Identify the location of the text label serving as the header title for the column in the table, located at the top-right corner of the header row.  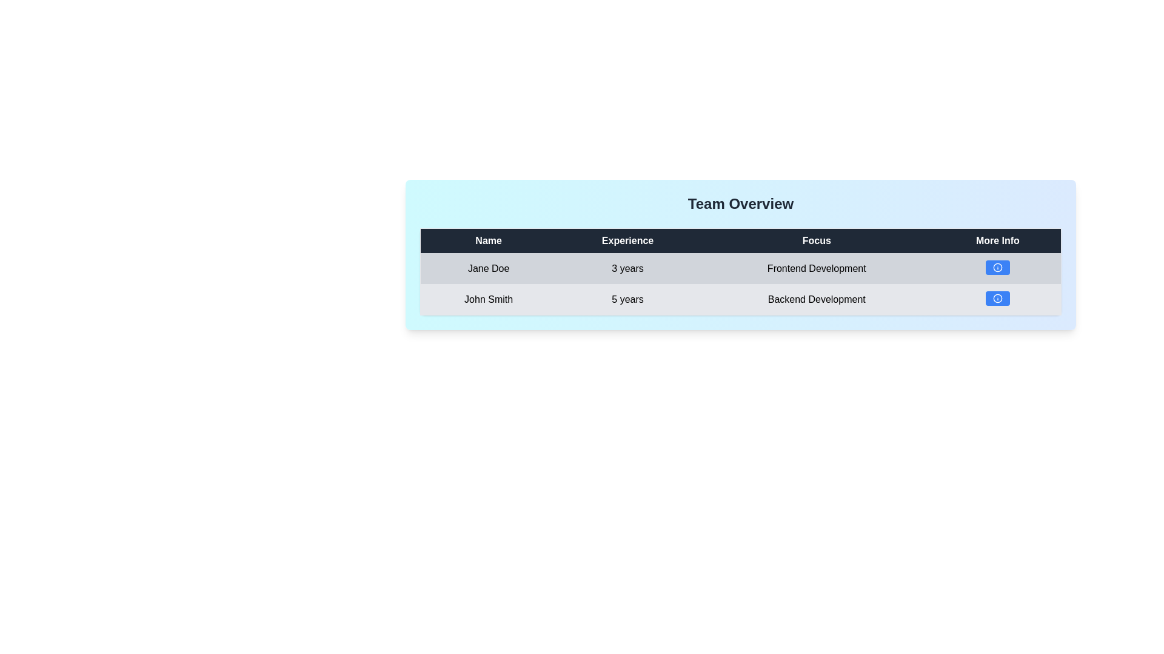
(998, 240).